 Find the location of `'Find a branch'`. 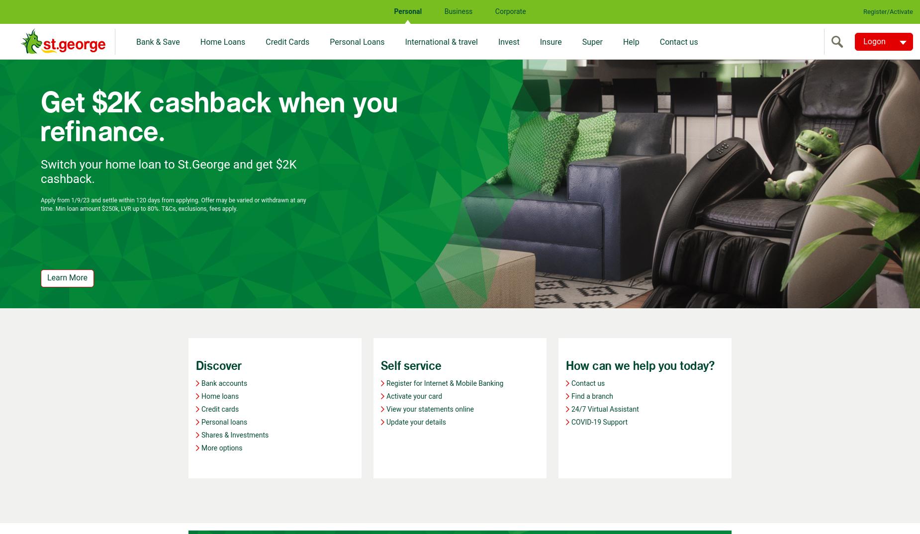

'Find a branch' is located at coordinates (592, 396).